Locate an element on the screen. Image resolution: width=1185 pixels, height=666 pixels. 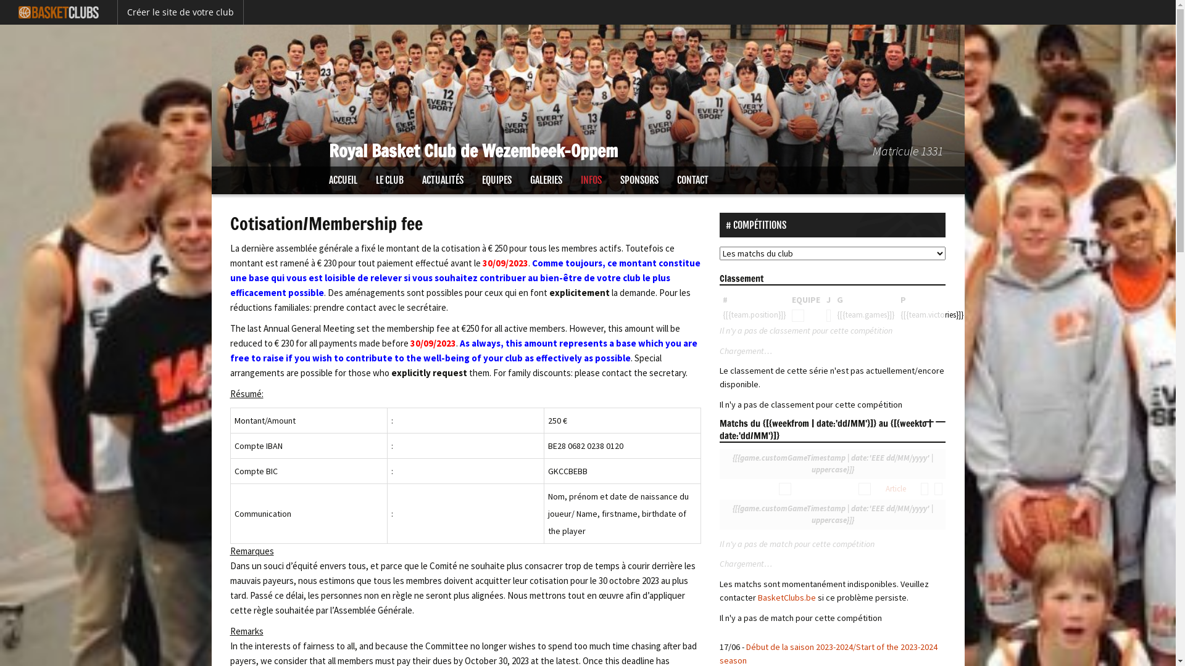
'SPONSORS' is located at coordinates (639, 180).